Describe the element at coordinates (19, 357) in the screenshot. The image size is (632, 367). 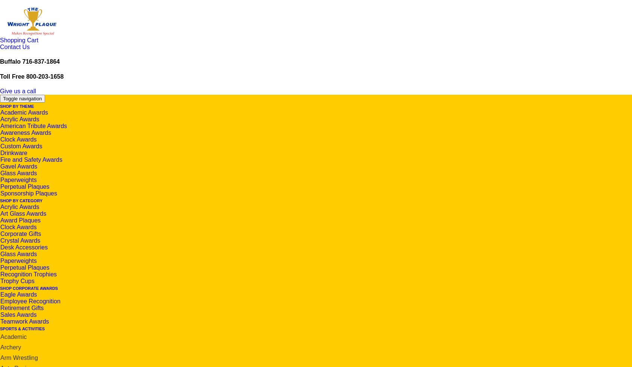
I see `'Arm Wrestling'` at that location.